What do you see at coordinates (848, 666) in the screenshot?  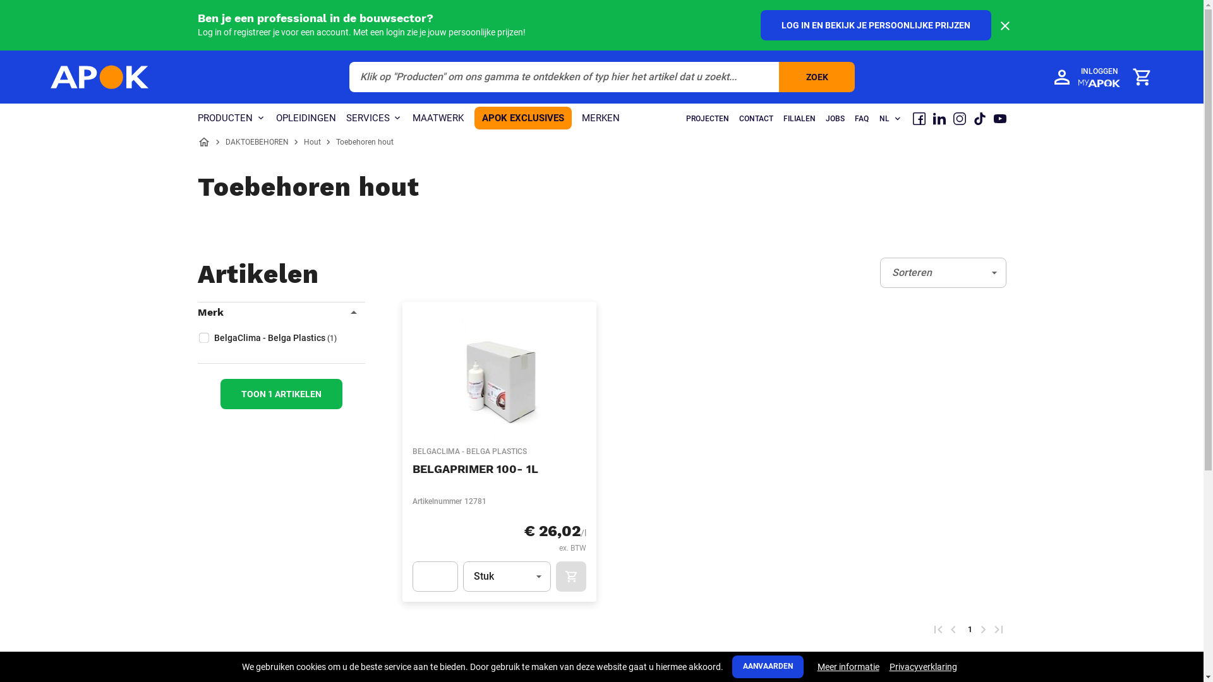 I see `'Meer informatie'` at bounding box center [848, 666].